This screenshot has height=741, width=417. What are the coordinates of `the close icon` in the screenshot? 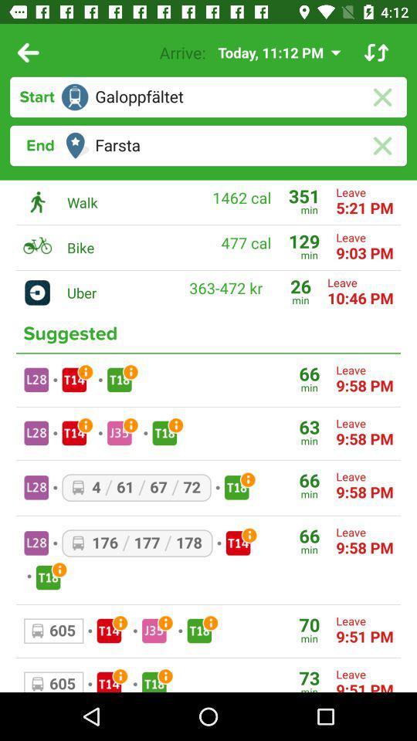 It's located at (381, 146).